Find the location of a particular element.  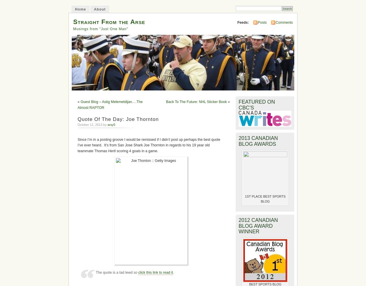

'October 11, 2013 by' is located at coordinates (92, 124).